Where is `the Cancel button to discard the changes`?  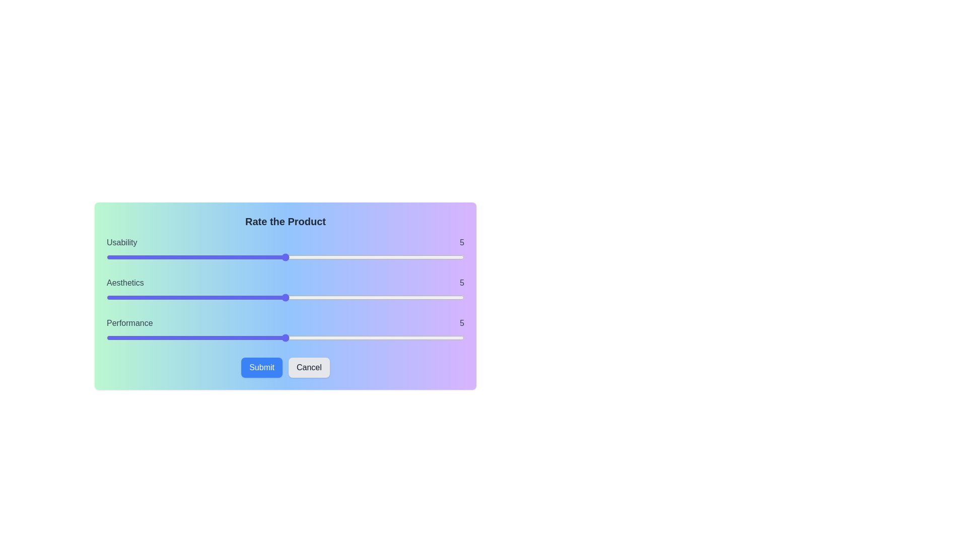
the Cancel button to discard the changes is located at coordinates (308, 367).